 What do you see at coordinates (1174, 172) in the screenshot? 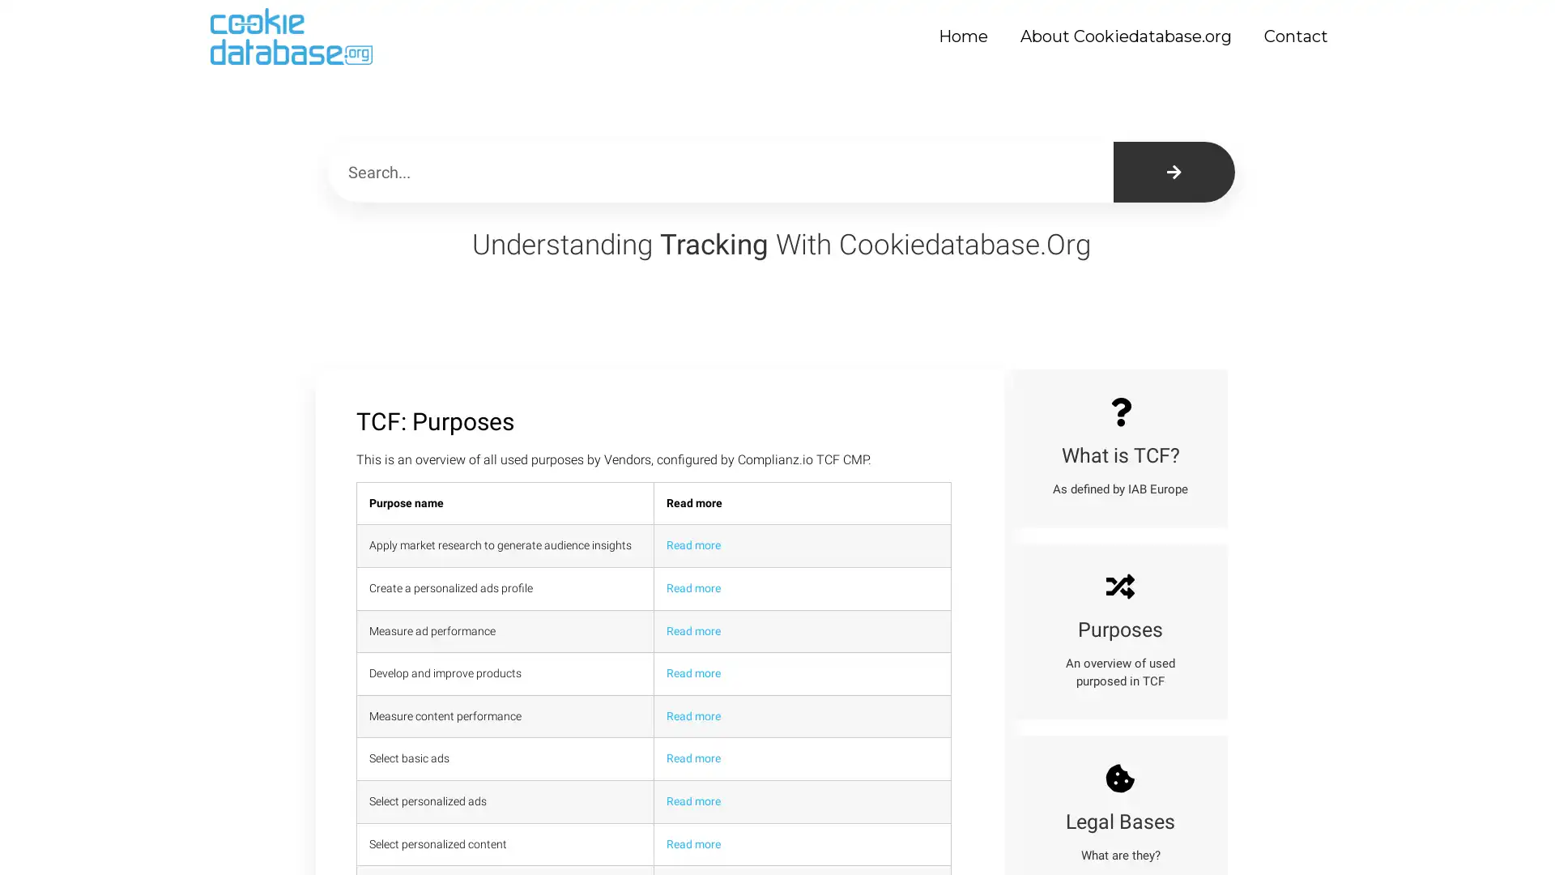
I see `Search` at bounding box center [1174, 172].